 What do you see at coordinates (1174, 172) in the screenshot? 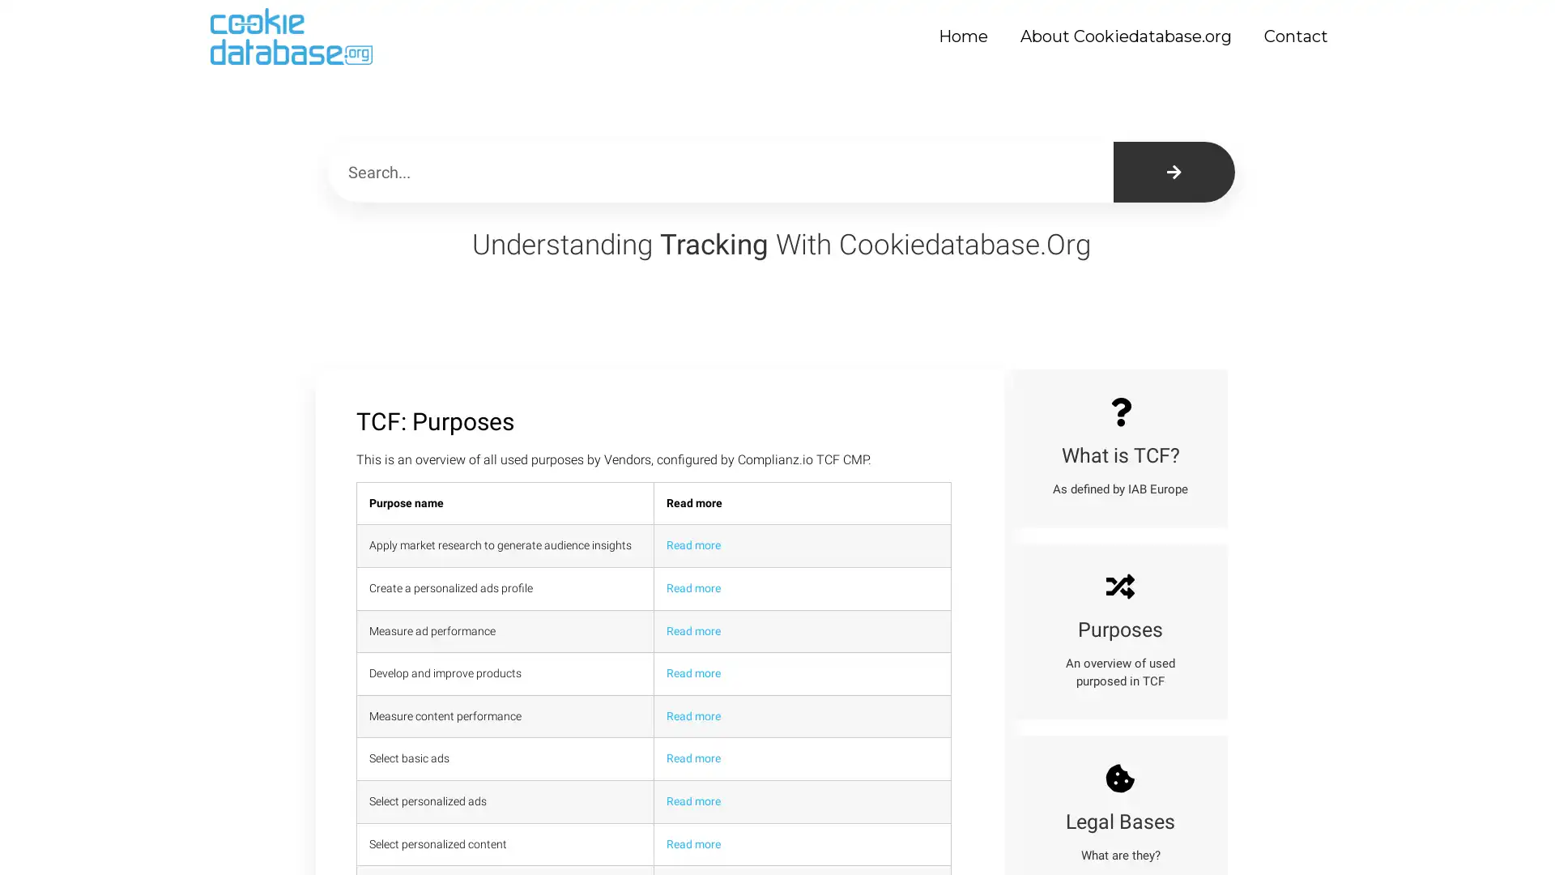
I see `Search` at bounding box center [1174, 172].